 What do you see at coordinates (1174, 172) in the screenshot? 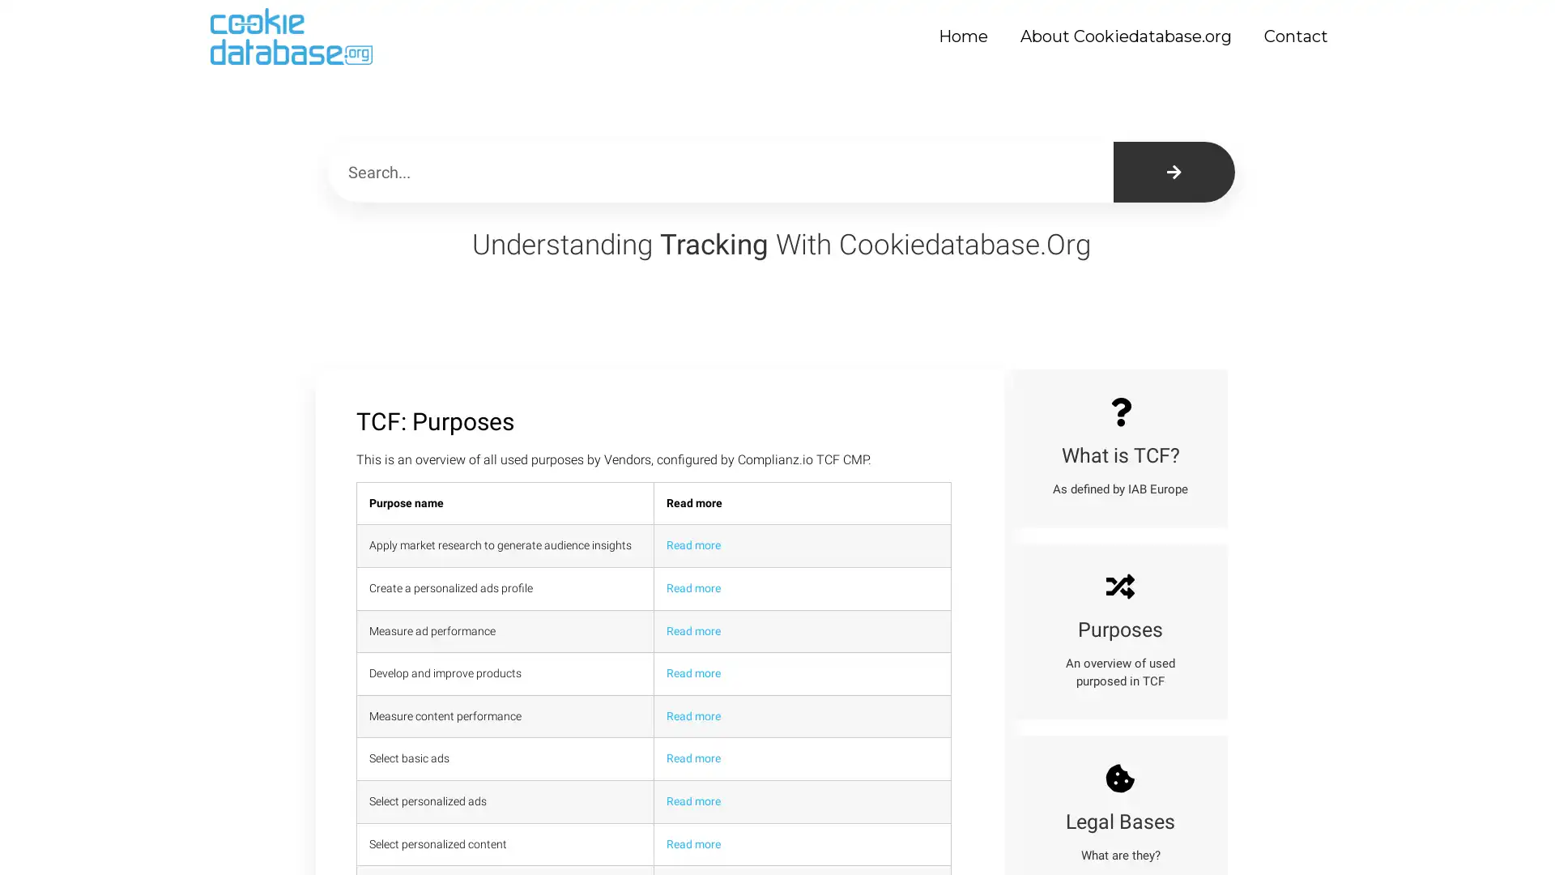
I see `Search` at bounding box center [1174, 172].